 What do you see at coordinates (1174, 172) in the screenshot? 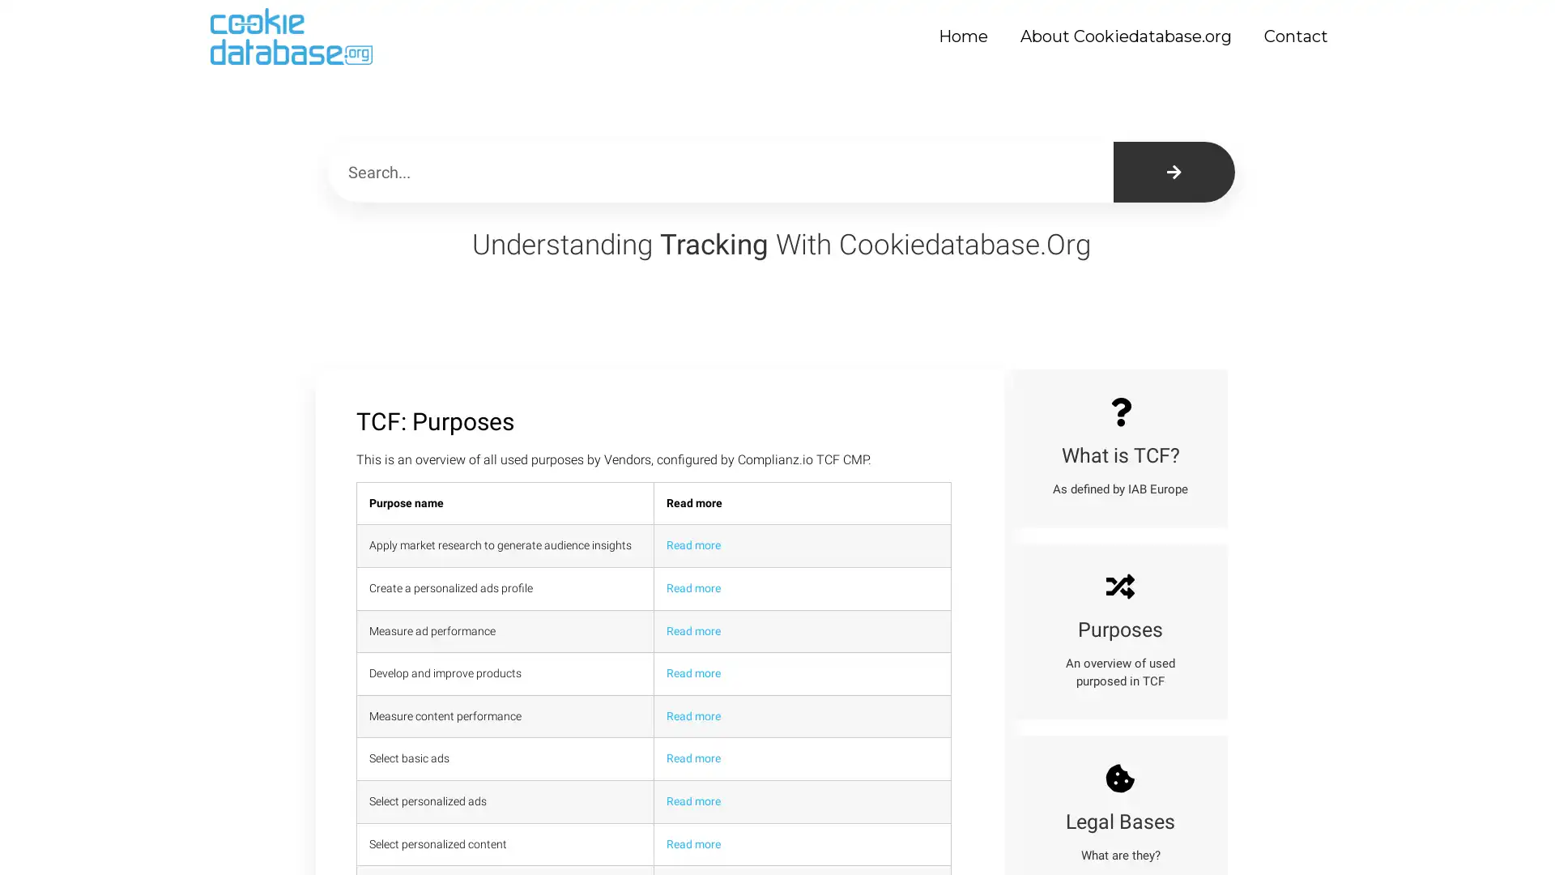
I see `Search` at bounding box center [1174, 172].